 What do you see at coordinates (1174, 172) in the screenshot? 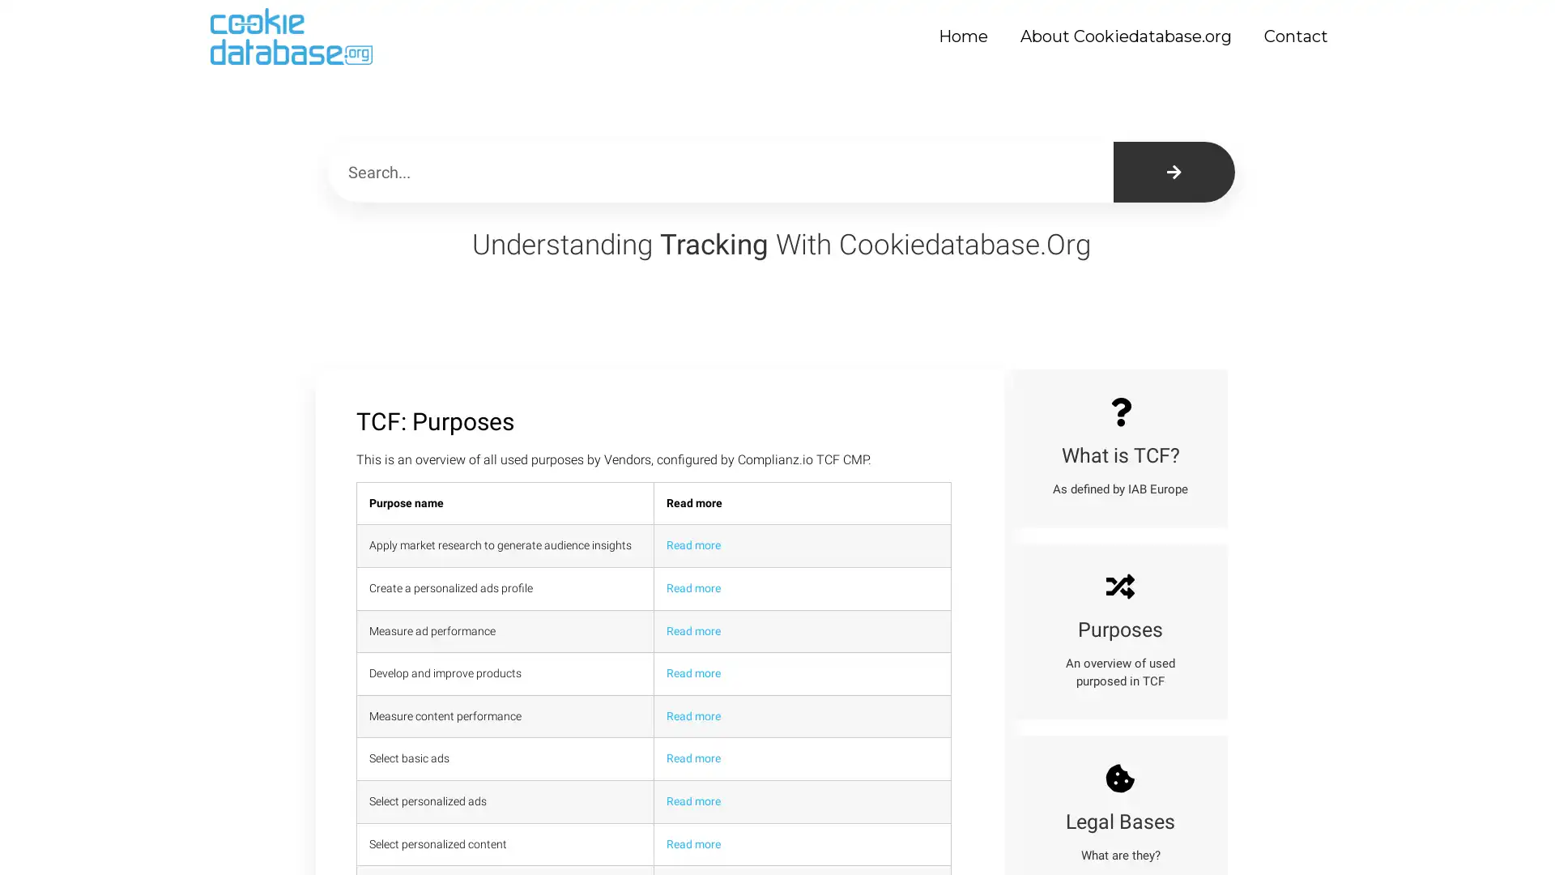
I see `Search` at bounding box center [1174, 172].